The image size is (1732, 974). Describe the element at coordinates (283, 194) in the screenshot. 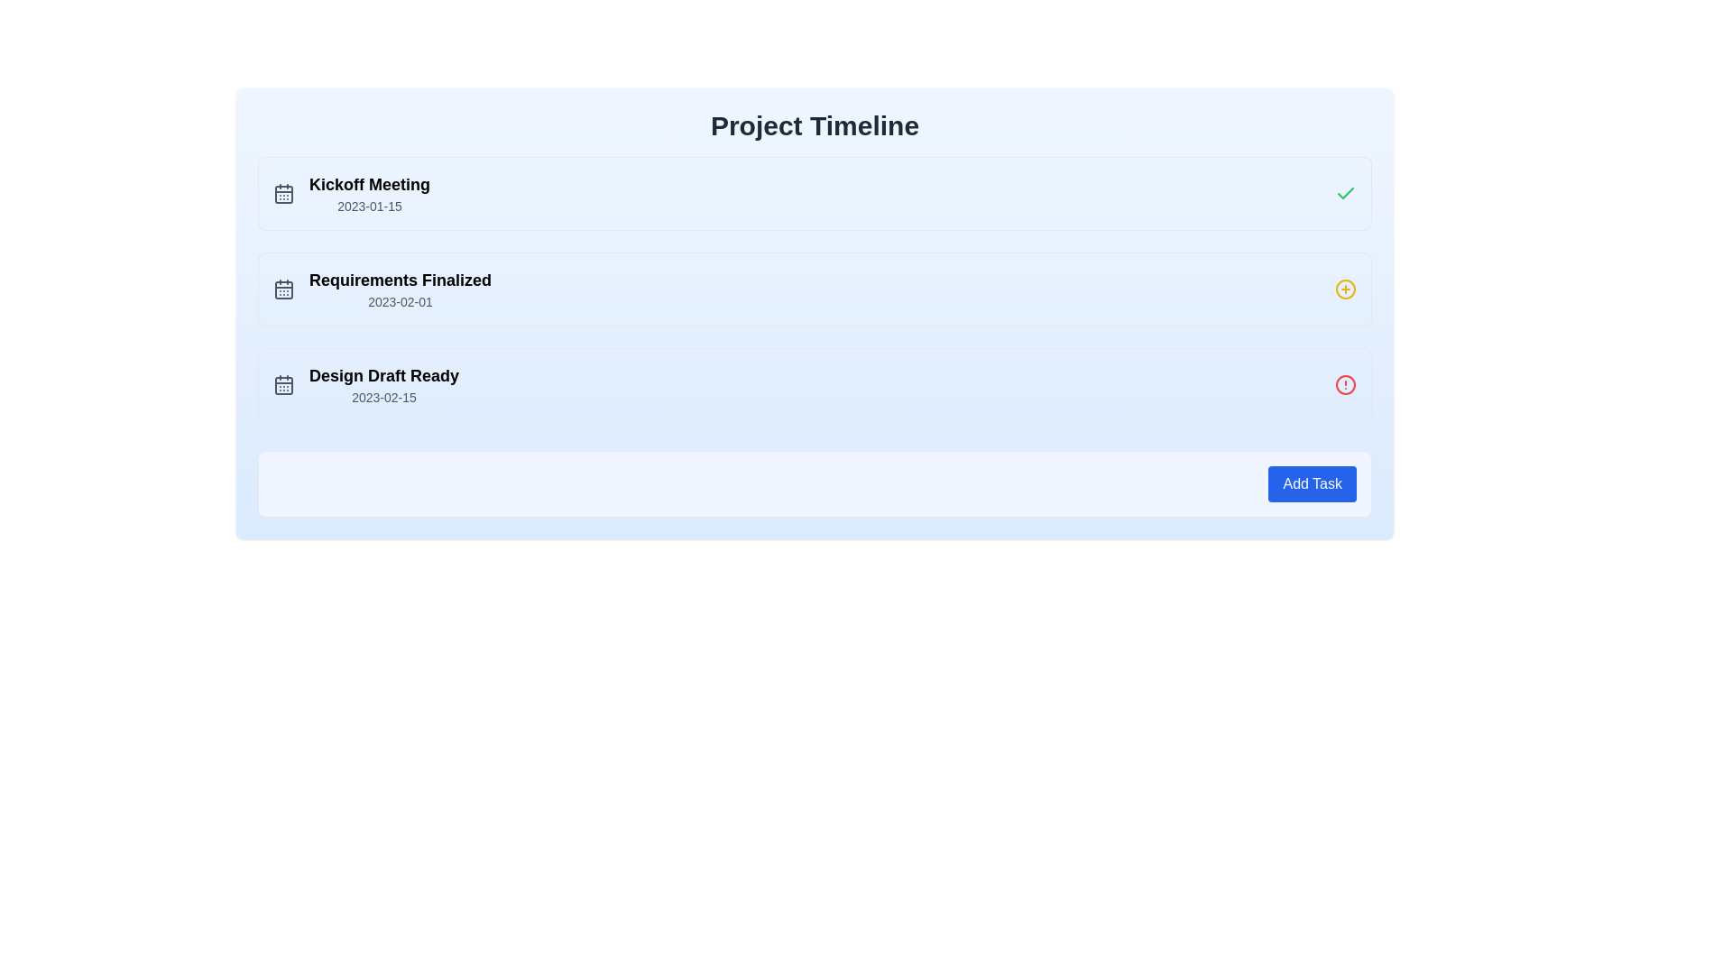

I see `the calendar icon located to the left of the 'Kickoff Meeting' title text in the 'Project Timeline' section` at that location.